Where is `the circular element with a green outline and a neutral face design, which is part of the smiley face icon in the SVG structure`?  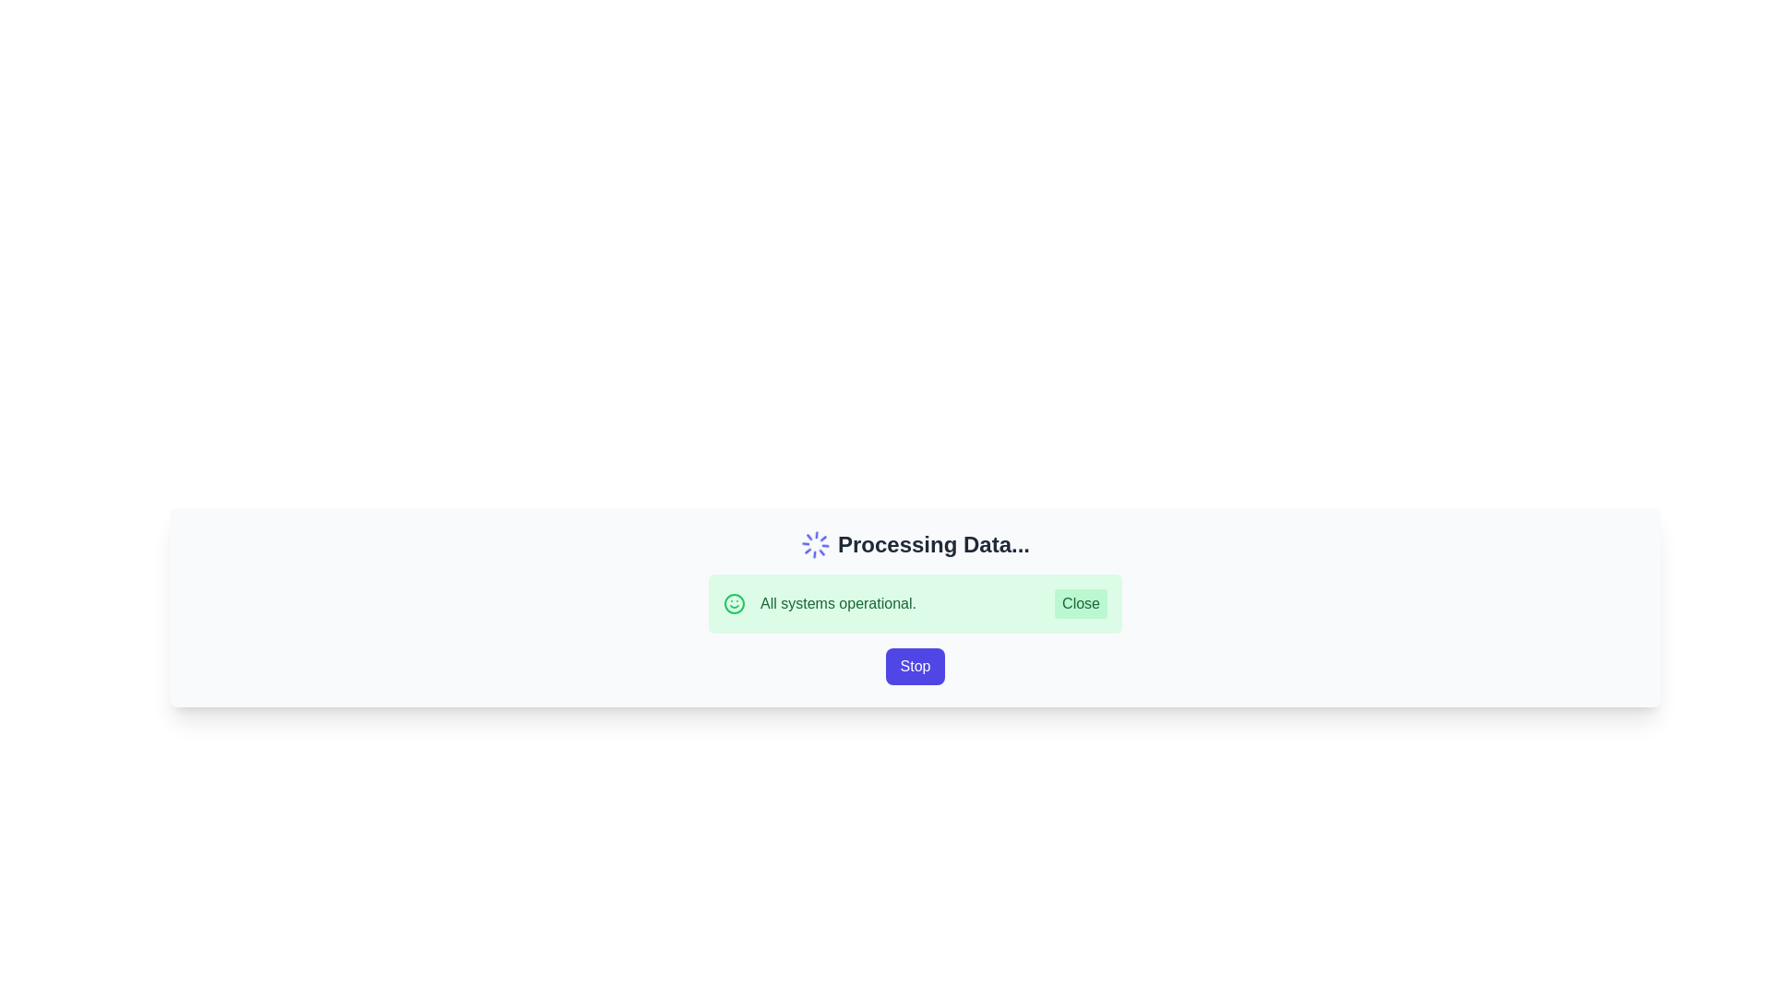 the circular element with a green outline and a neutral face design, which is part of the smiley face icon in the SVG structure is located at coordinates (734, 604).